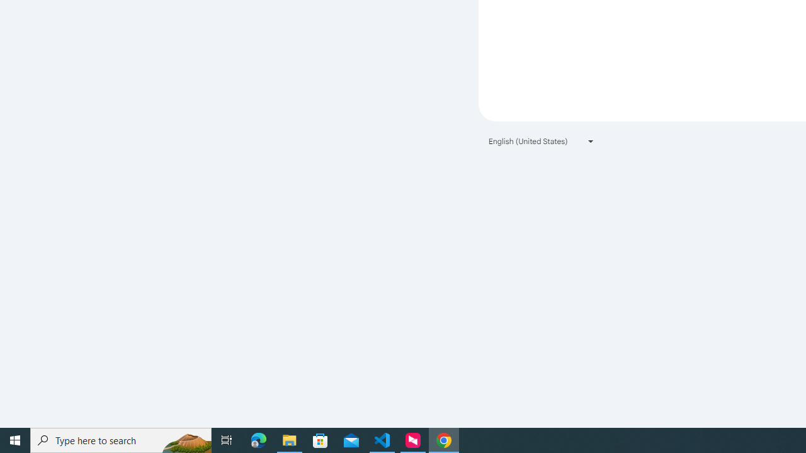 This screenshot has width=806, height=453. Describe the element at coordinates (542, 141) in the screenshot. I see `'English (United States)'` at that location.